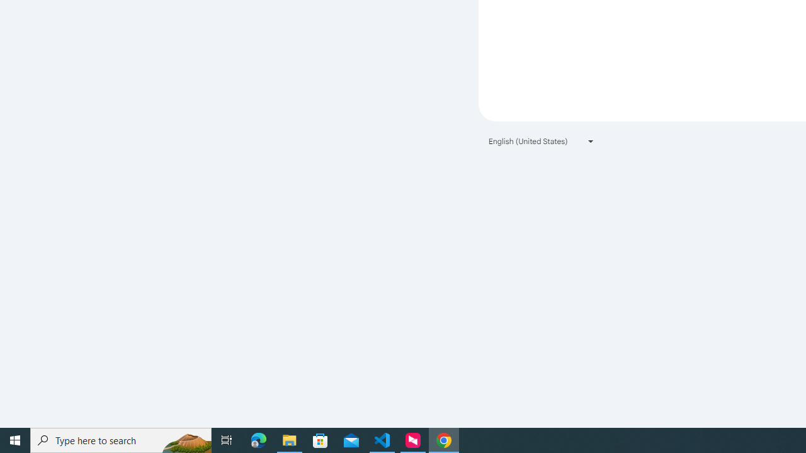 This screenshot has width=806, height=453. Describe the element at coordinates (542, 141) in the screenshot. I see `'English (United States)'` at that location.